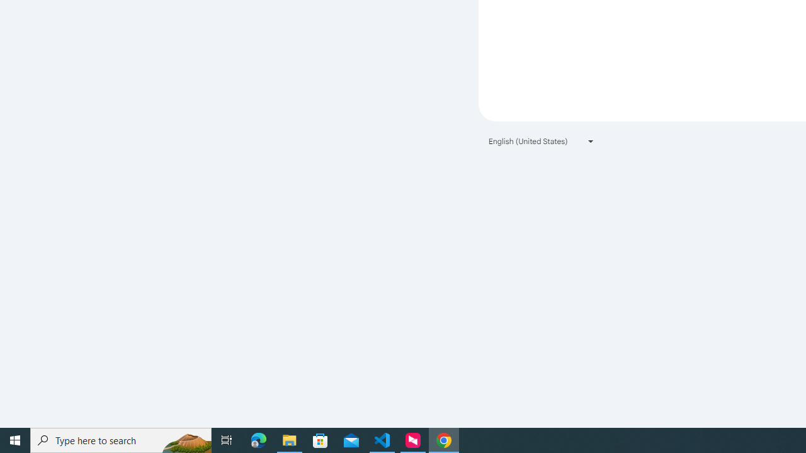 This screenshot has width=806, height=453. Describe the element at coordinates (542, 141) in the screenshot. I see `'English (United States)'` at that location.